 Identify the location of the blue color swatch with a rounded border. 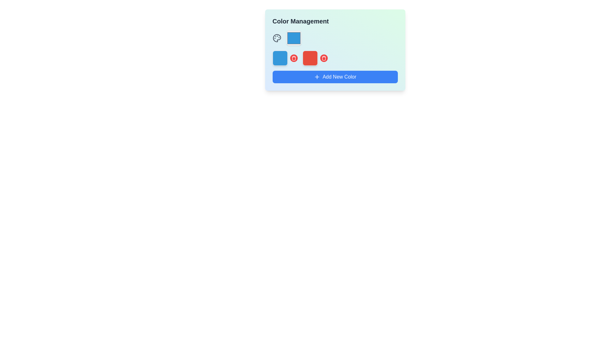
(293, 38).